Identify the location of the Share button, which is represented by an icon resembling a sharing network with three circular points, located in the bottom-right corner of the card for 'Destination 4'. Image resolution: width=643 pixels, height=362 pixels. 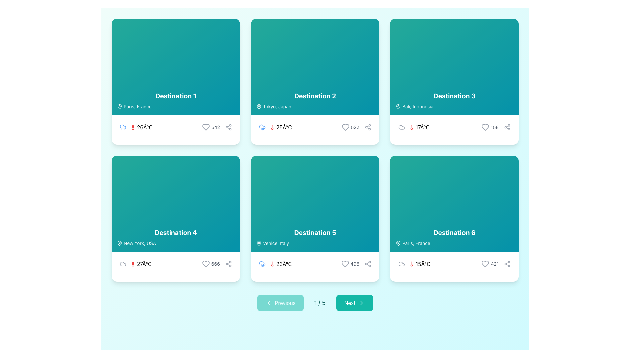
(228, 263).